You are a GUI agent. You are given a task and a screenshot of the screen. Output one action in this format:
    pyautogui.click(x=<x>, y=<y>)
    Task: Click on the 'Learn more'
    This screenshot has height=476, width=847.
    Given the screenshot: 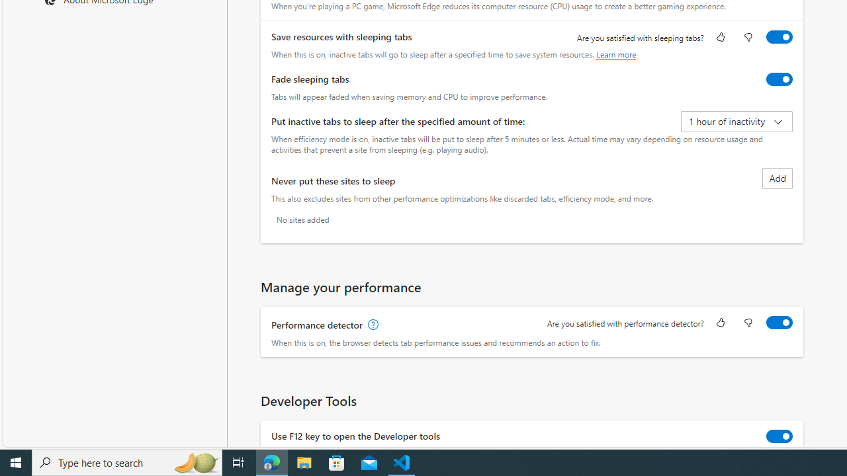 What is the action you would take?
    pyautogui.click(x=615, y=54)
    